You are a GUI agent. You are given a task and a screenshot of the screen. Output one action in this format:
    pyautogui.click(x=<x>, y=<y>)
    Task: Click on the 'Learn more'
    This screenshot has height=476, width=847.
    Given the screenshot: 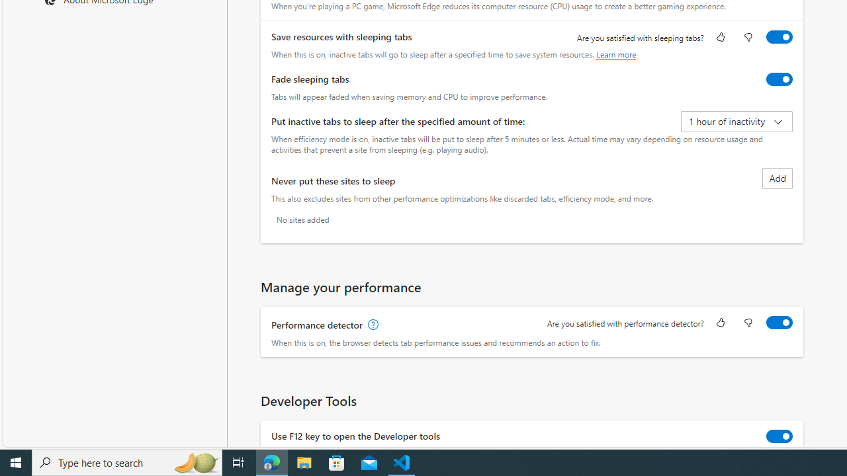 What is the action you would take?
    pyautogui.click(x=615, y=54)
    